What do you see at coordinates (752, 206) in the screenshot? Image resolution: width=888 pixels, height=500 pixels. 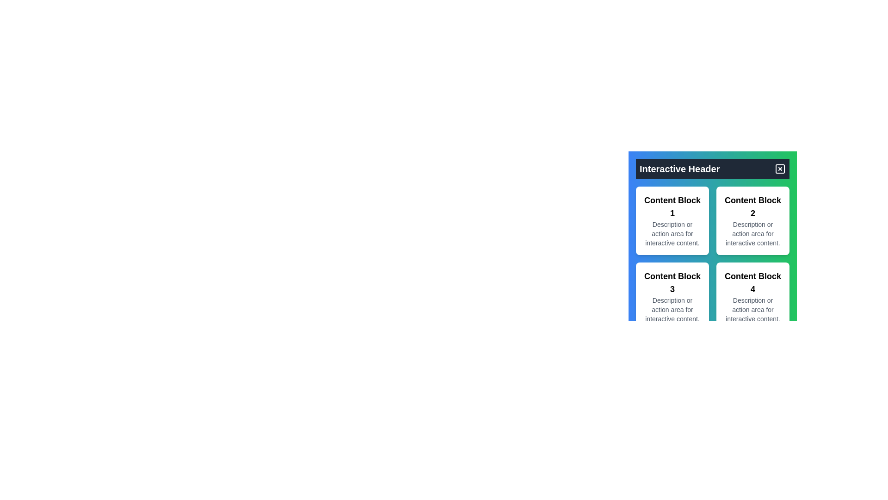 I see `the Text label that serves as the title or identifier for a specific content block within the grid layout by moving the cursor to its center point` at bounding box center [752, 206].